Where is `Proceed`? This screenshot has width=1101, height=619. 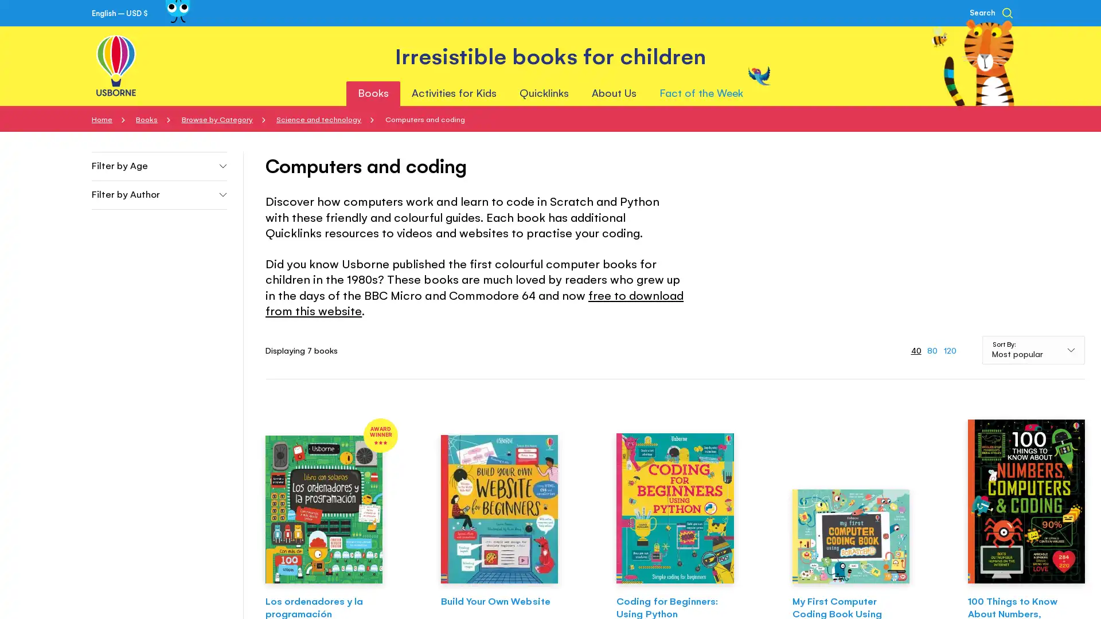 Proceed is located at coordinates (417, 261).